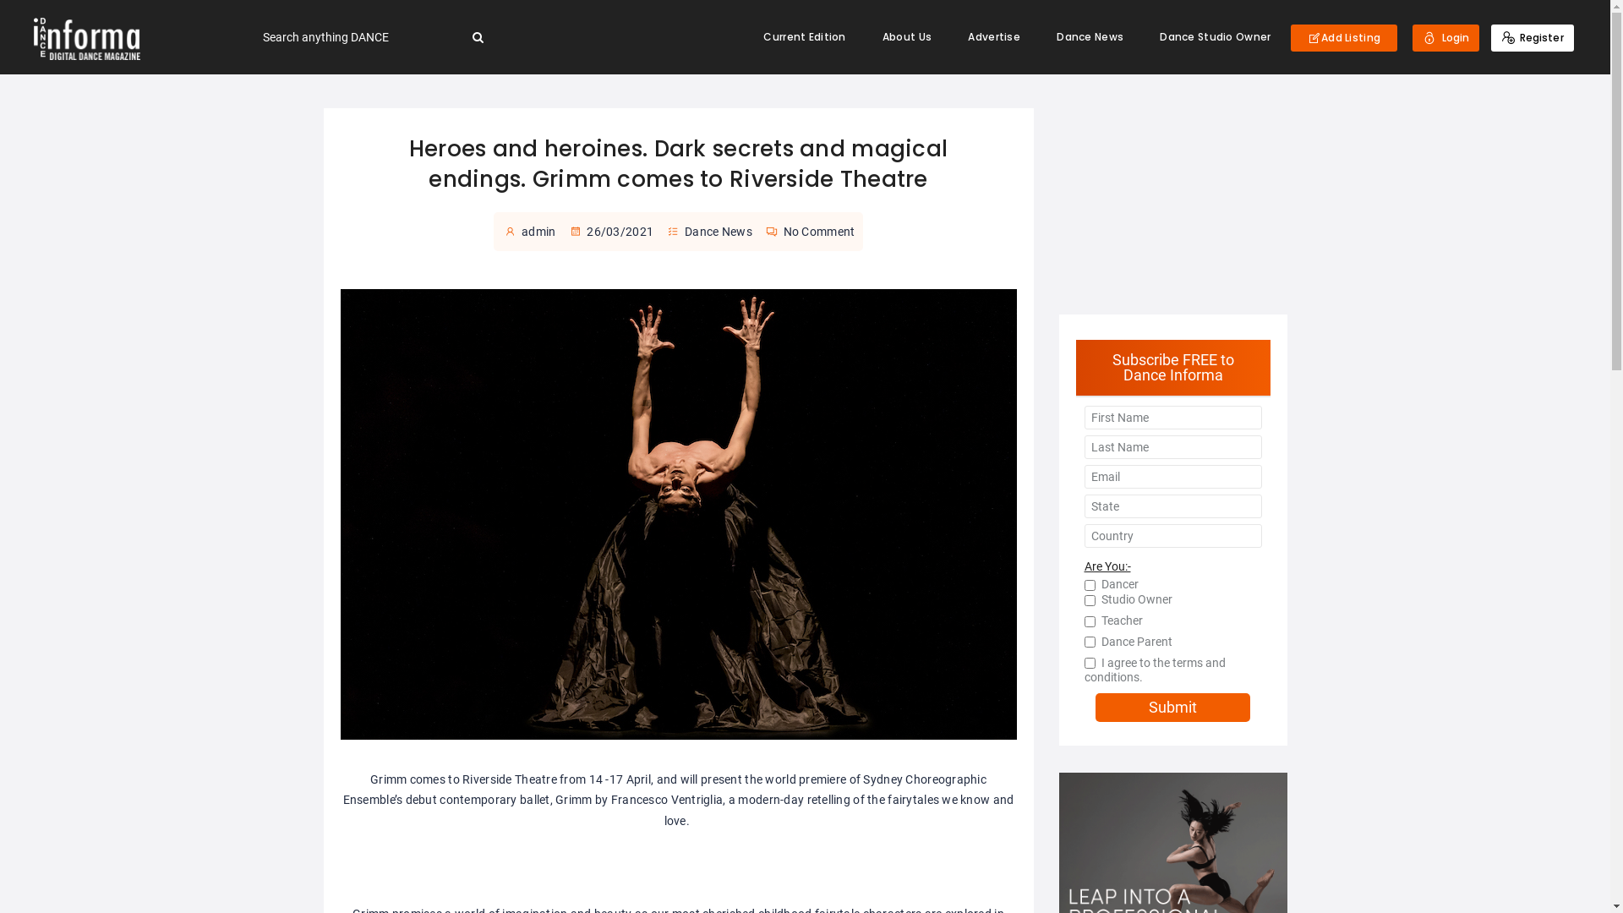  I want to click on 'About Us', so click(906, 36).